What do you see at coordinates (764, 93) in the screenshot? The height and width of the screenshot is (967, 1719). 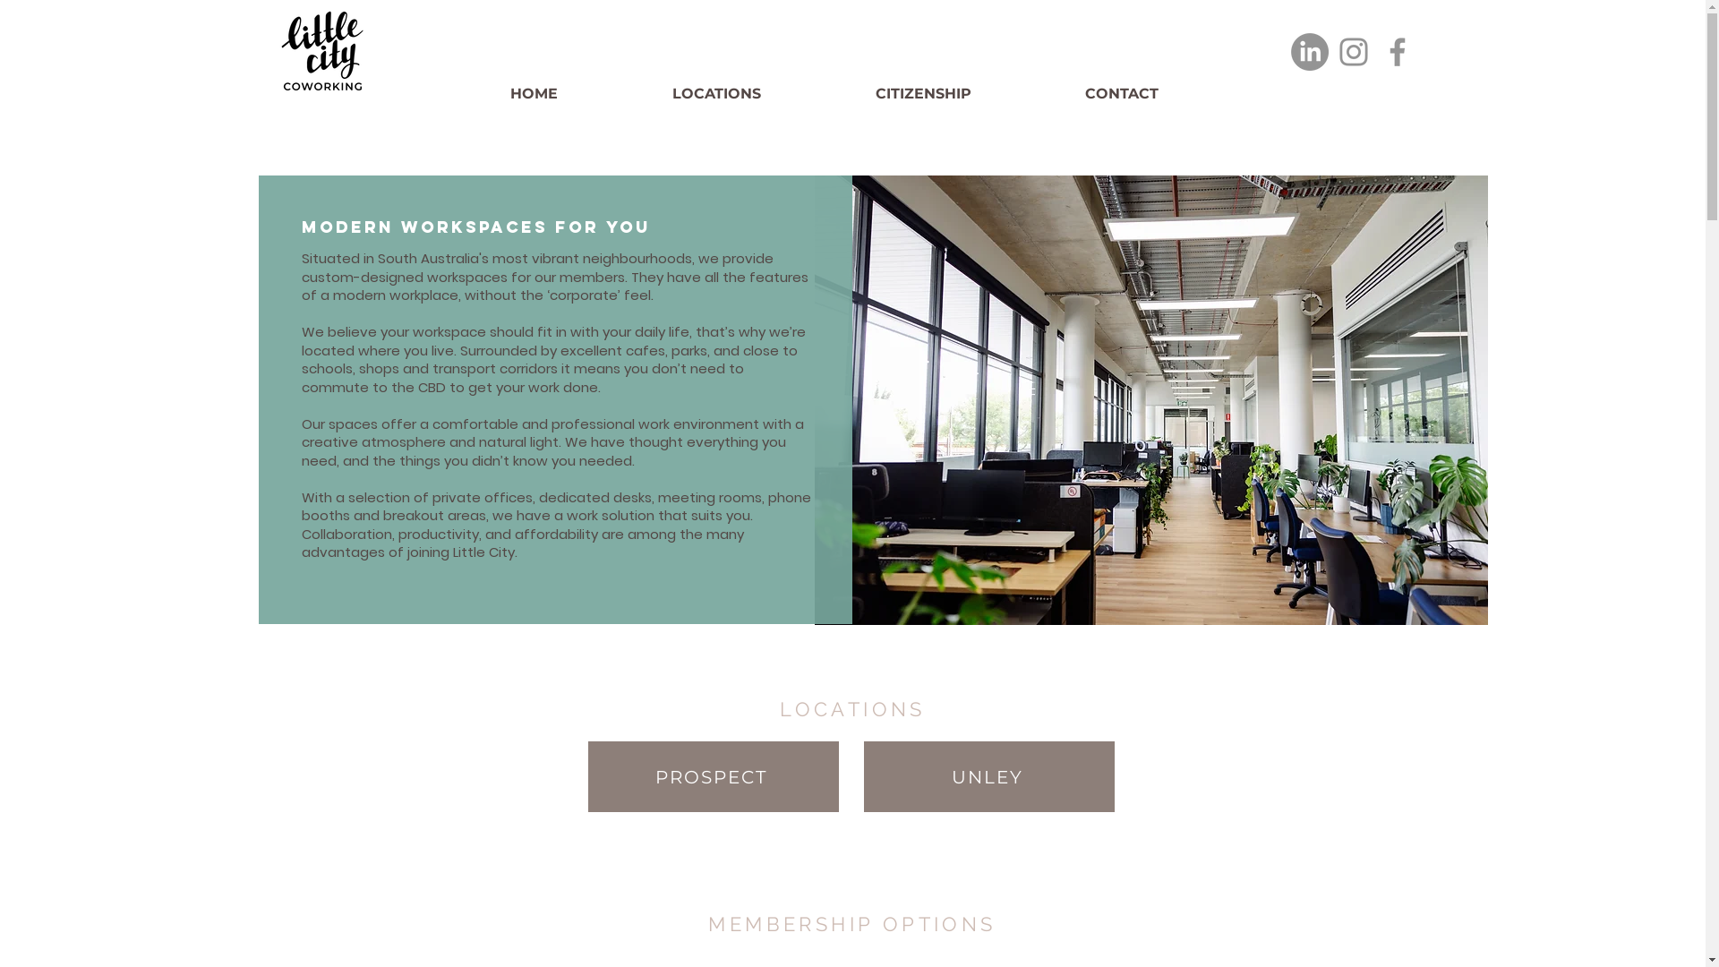 I see `'LOCATIONS'` at bounding box center [764, 93].